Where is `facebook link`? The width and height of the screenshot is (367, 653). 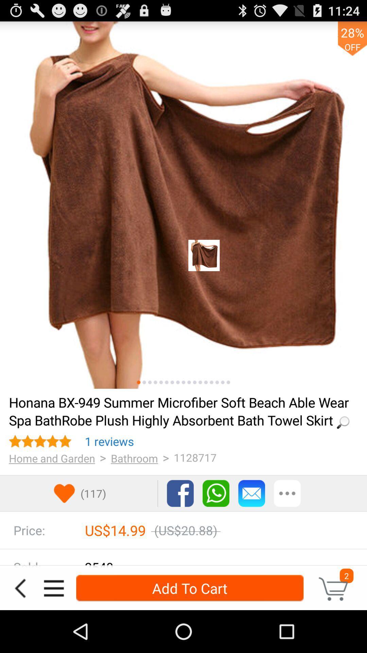
facebook link is located at coordinates (180, 493).